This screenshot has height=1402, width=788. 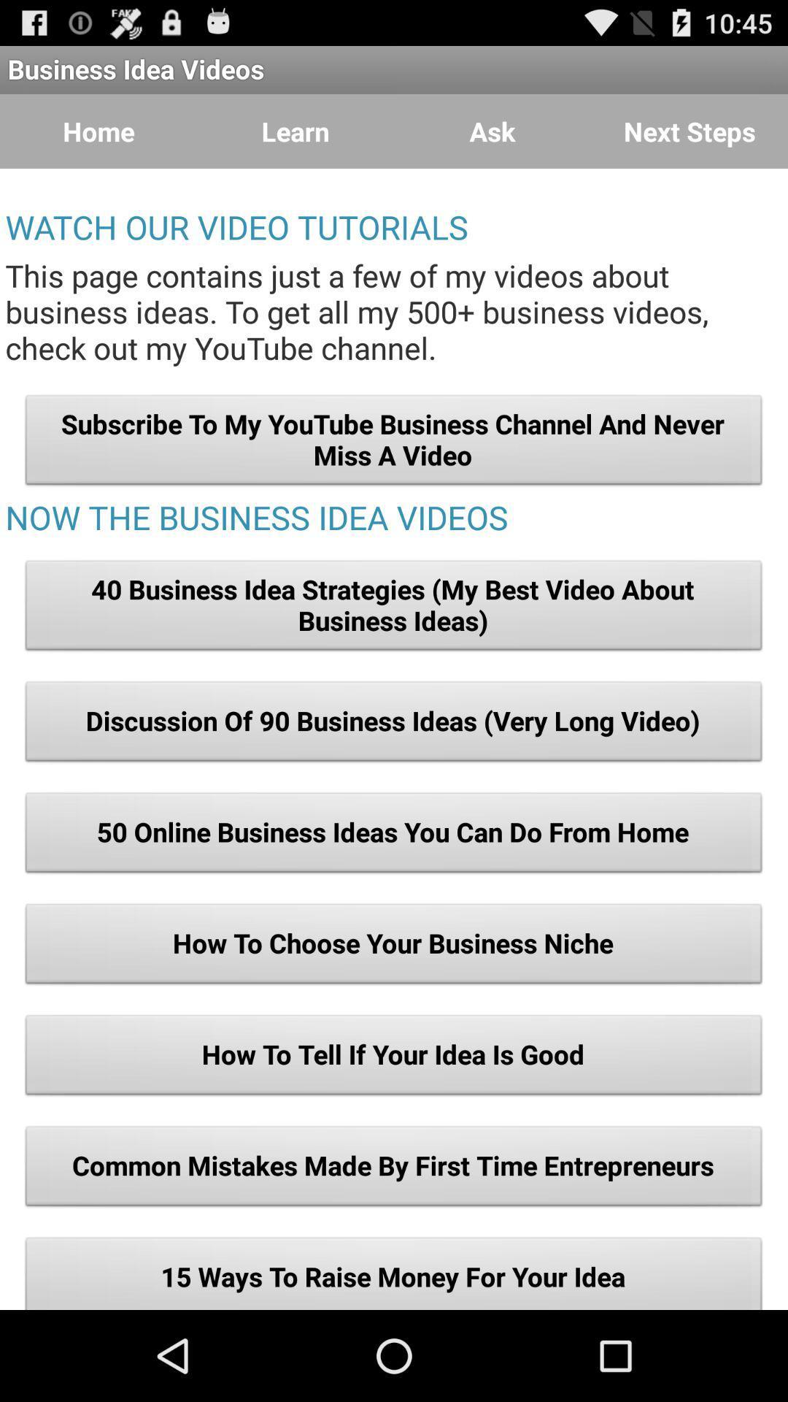 I want to click on the icon below how to tell item, so click(x=394, y=1170).